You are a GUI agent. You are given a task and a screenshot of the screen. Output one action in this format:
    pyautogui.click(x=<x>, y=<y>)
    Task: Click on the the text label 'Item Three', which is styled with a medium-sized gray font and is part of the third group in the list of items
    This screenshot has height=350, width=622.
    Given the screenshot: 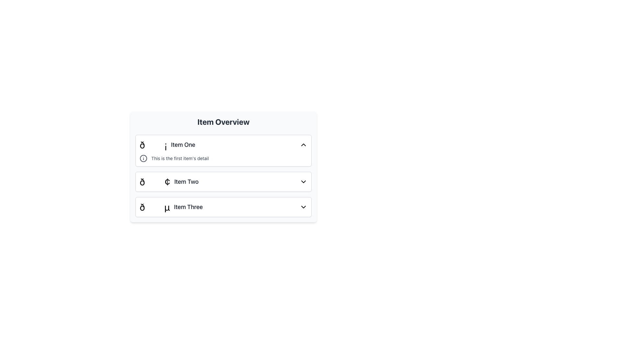 What is the action you would take?
    pyautogui.click(x=188, y=207)
    